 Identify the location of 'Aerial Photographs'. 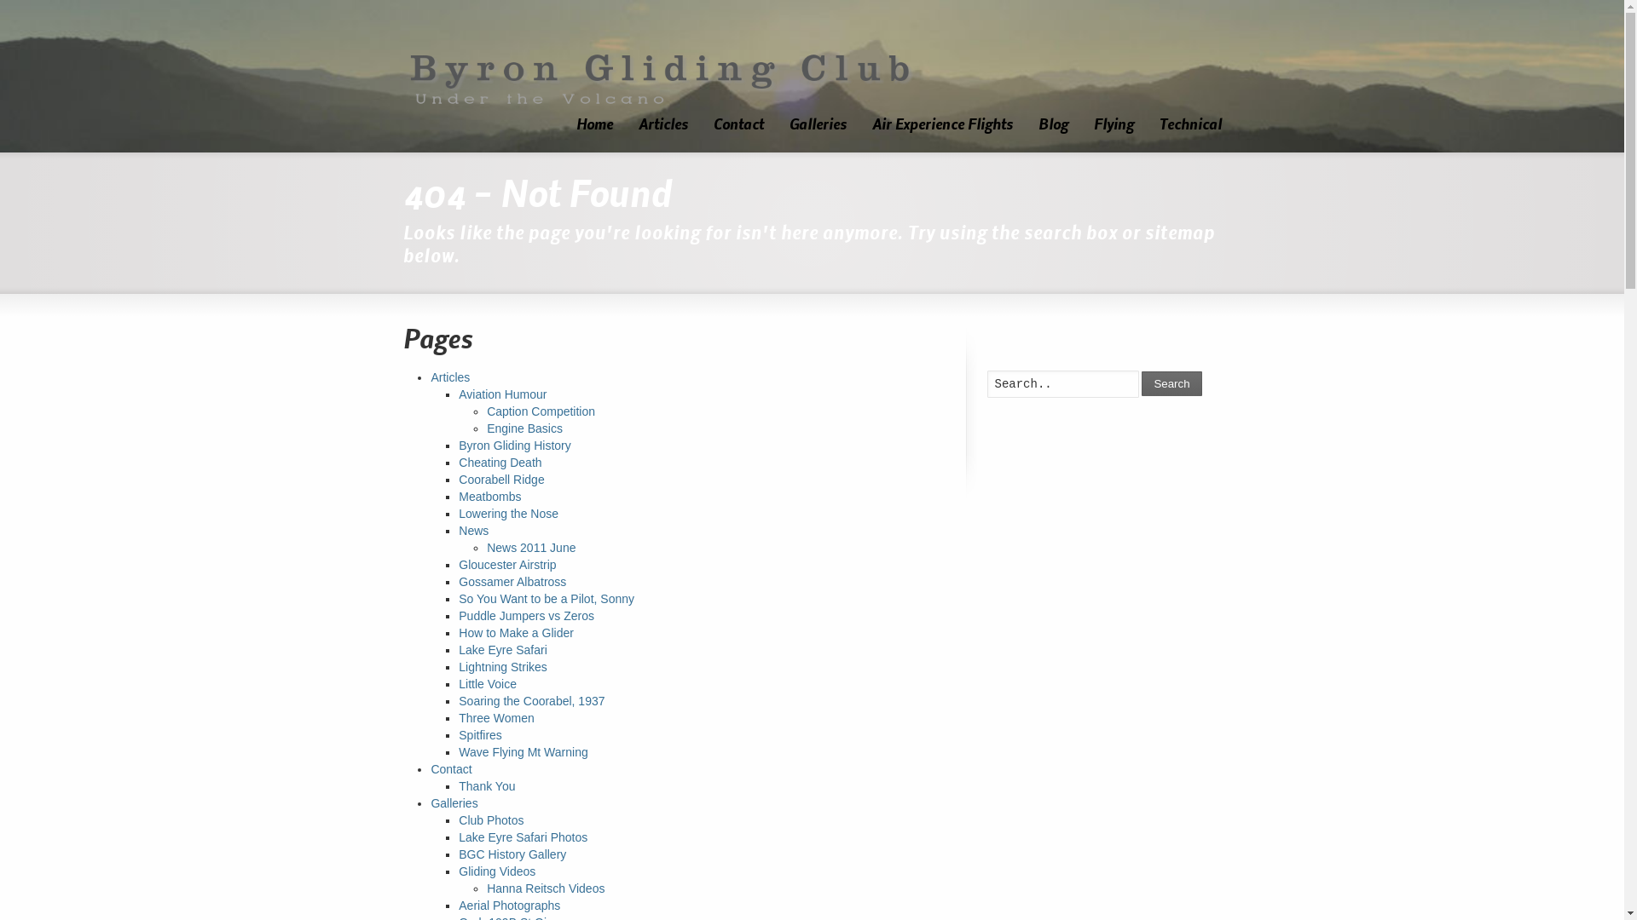
(458, 905).